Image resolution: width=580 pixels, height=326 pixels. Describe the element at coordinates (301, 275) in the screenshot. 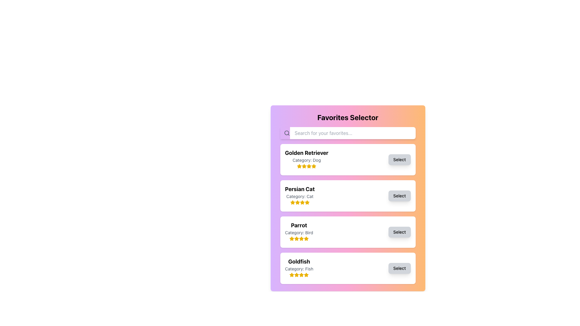

I see `the second star-shaped icon in the rating row for 'Goldfish'` at that location.